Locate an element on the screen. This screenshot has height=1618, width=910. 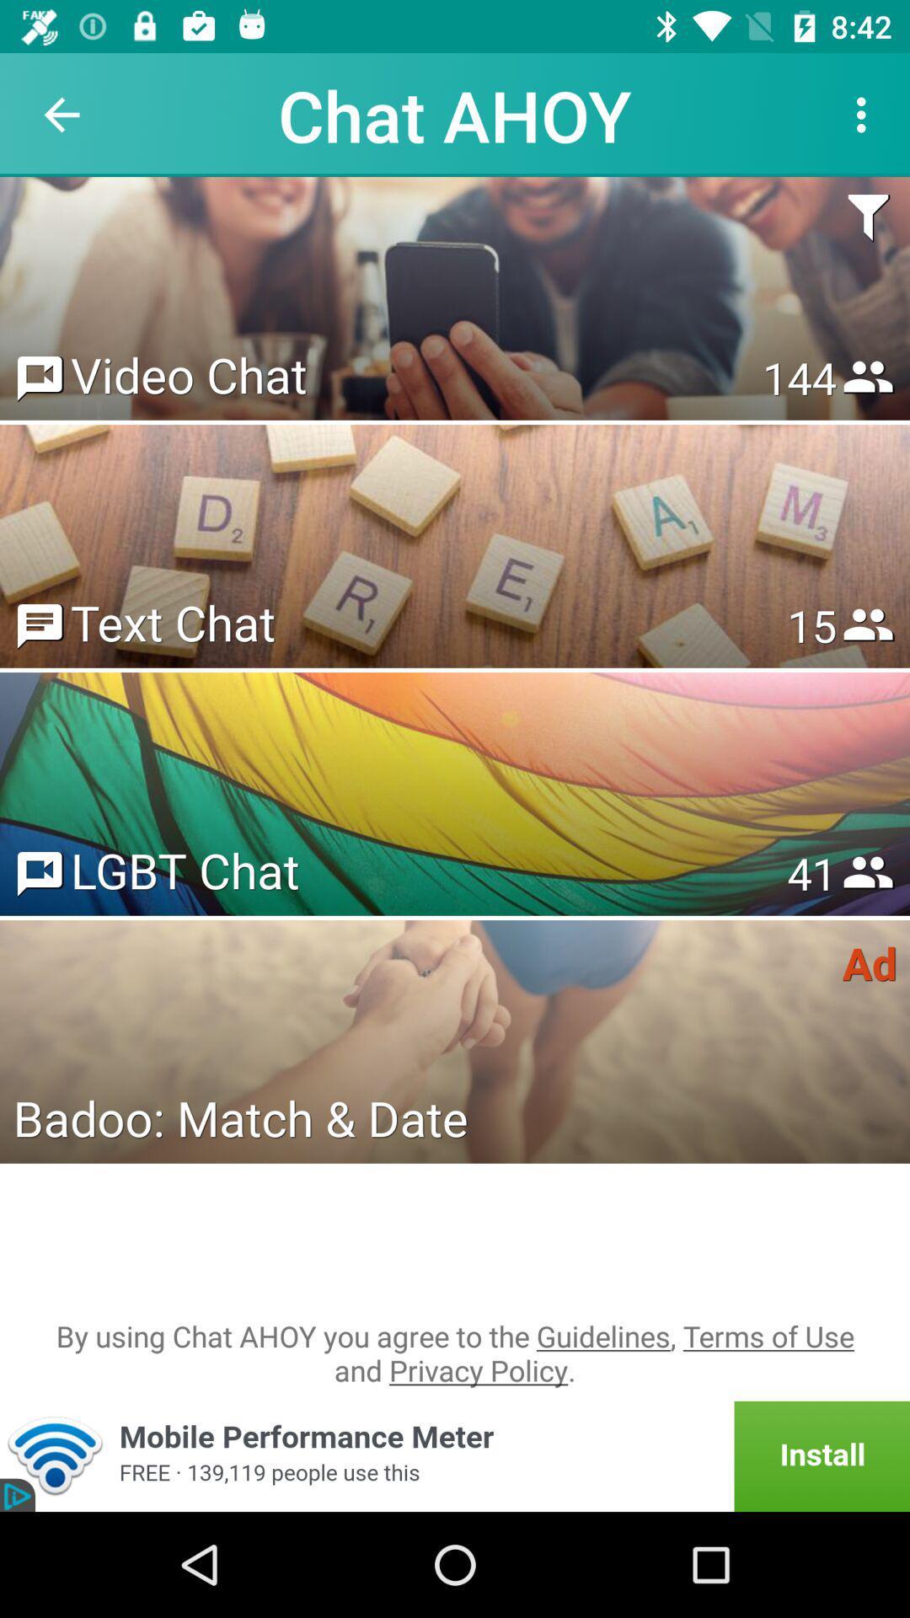
icon to the left of 15 item is located at coordinates (173, 621).